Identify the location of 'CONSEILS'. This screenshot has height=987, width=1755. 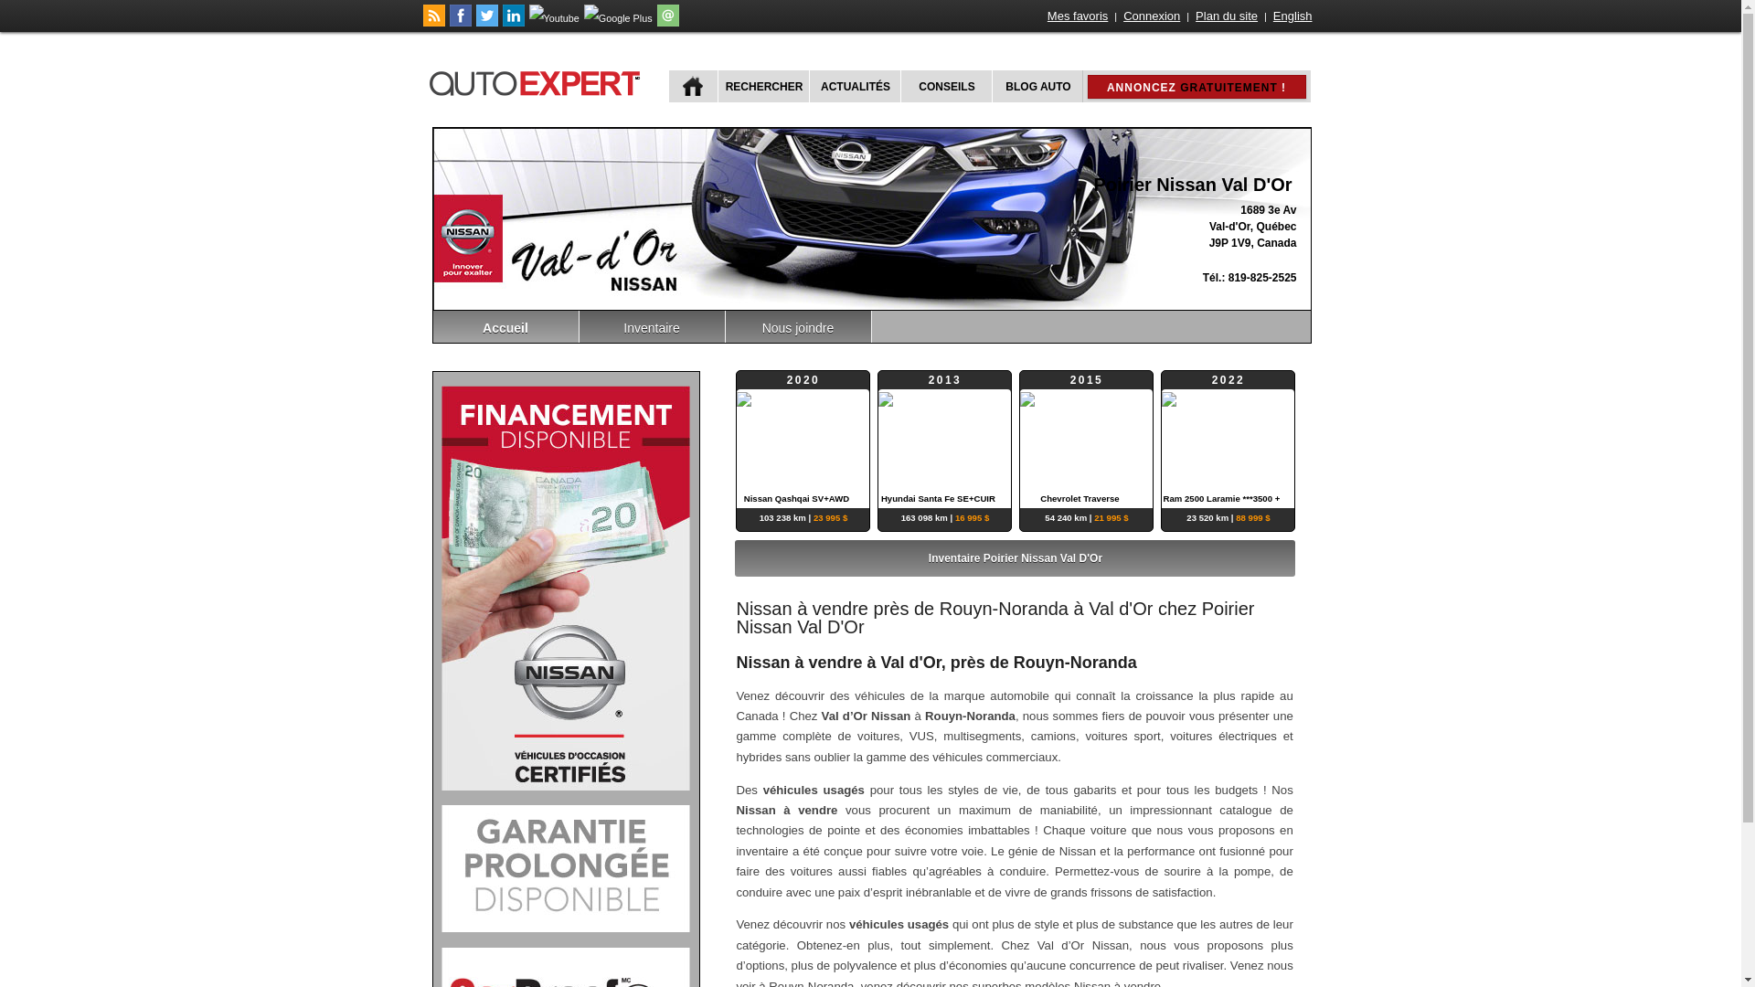
(944, 86).